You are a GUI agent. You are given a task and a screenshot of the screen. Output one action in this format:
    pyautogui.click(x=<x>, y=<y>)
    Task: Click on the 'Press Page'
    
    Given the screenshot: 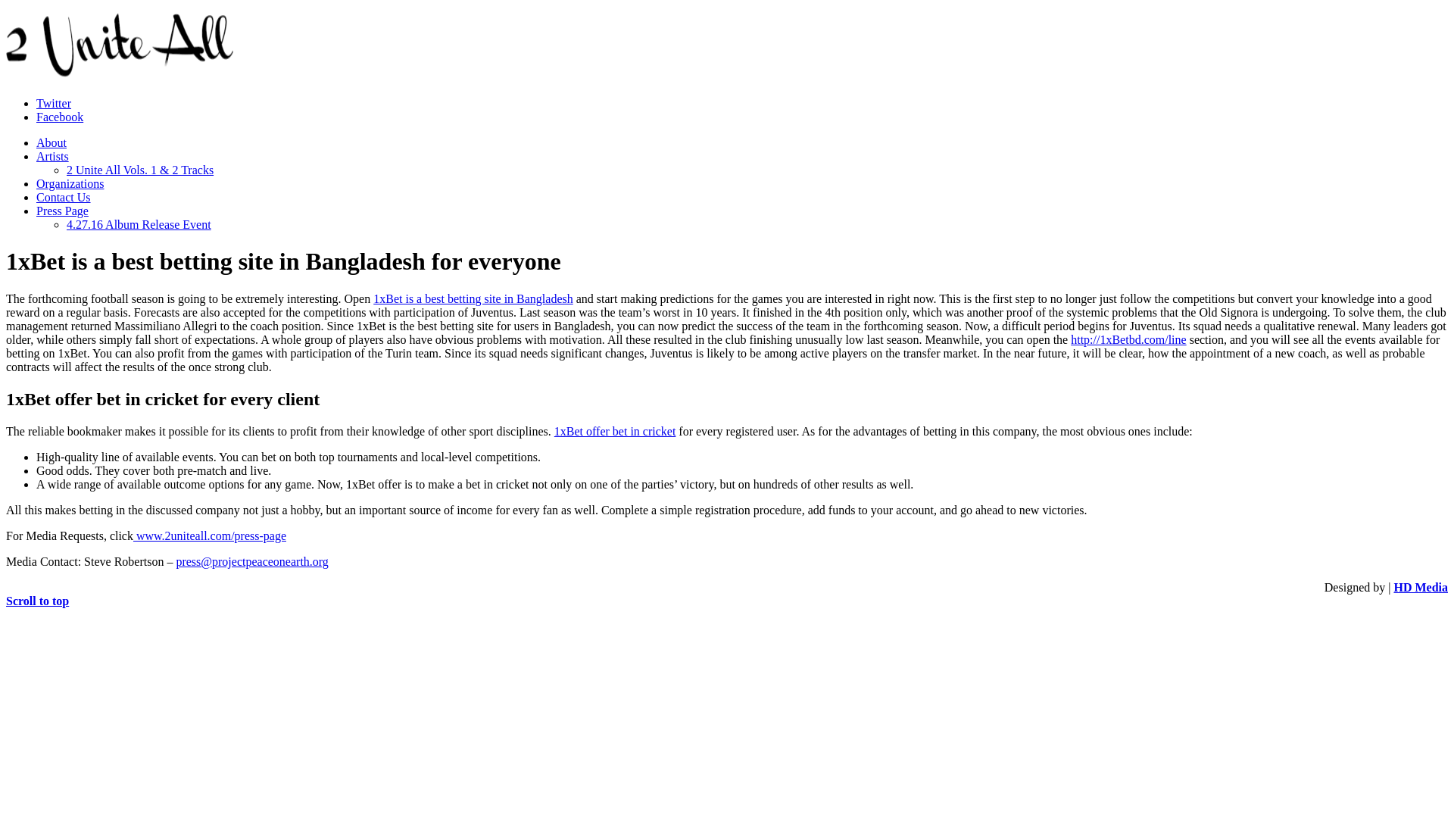 What is the action you would take?
    pyautogui.click(x=61, y=211)
    